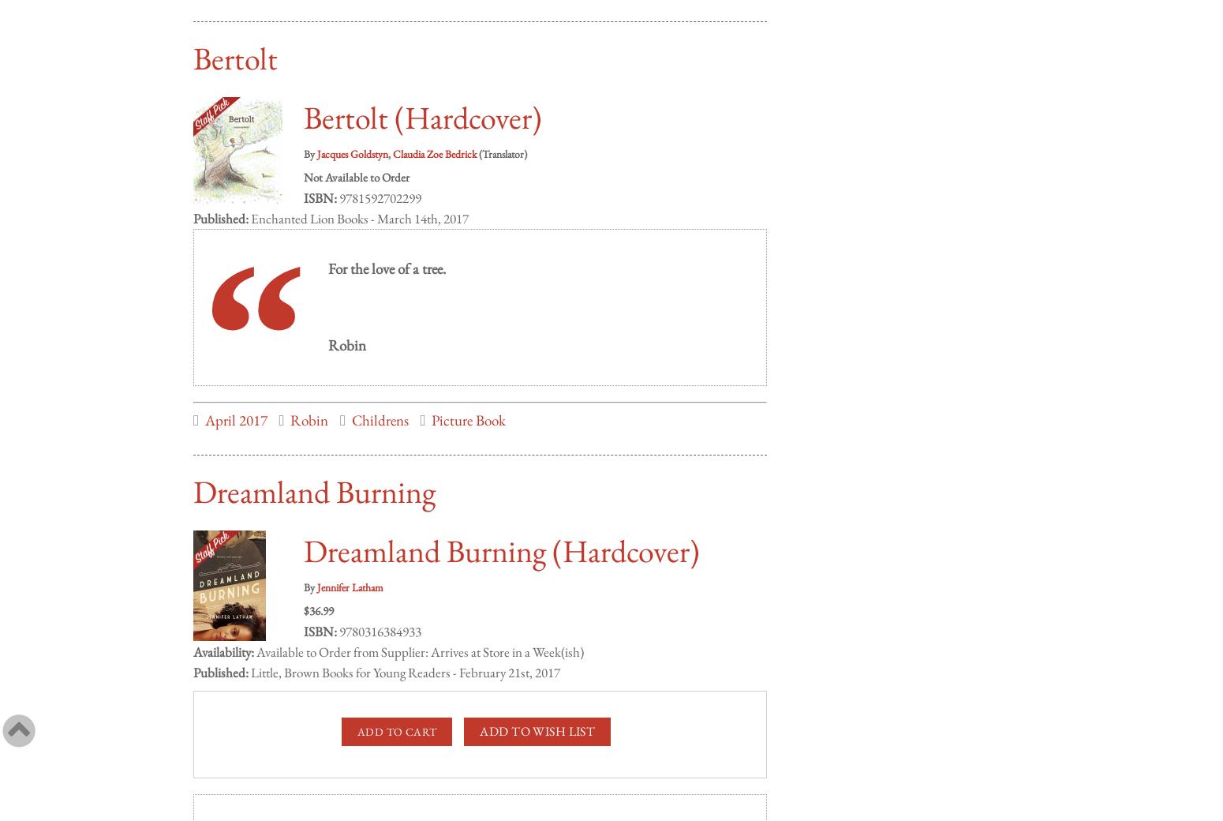 This screenshot has width=1223, height=821. I want to click on 'Dreamland Burning', so click(314, 474).